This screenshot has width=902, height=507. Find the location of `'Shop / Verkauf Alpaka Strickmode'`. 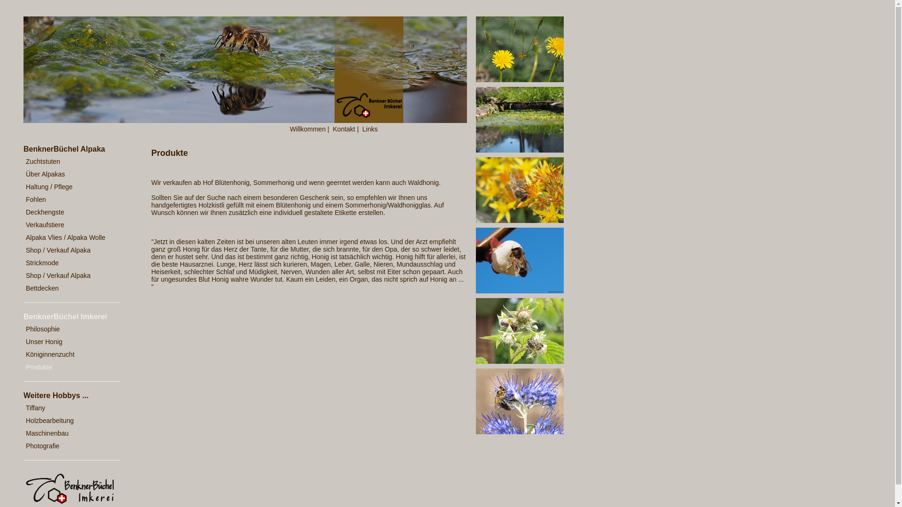

'Shop / Verkauf Alpaka Strickmode' is located at coordinates (67, 257).